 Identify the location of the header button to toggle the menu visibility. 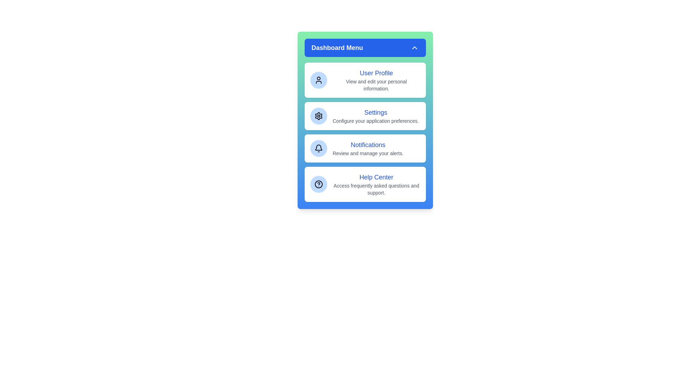
(365, 47).